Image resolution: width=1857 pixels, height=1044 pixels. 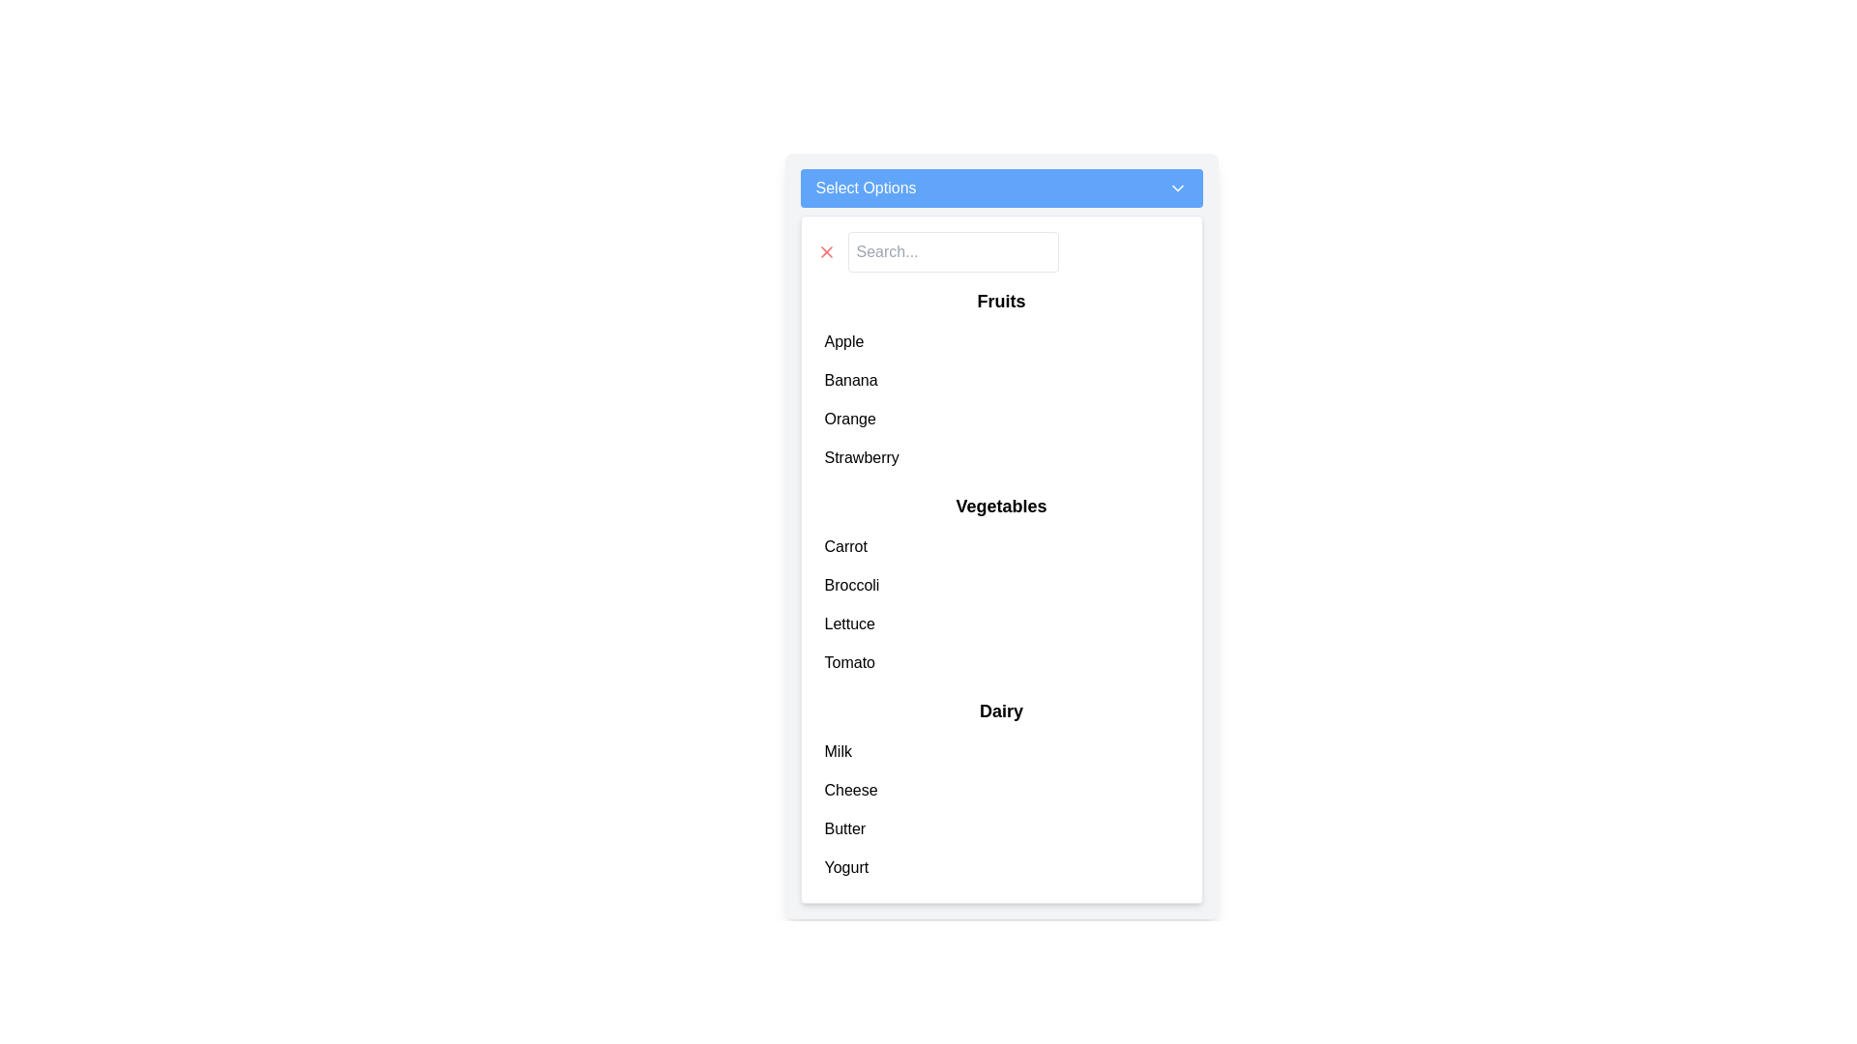 What do you see at coordinates (1001, 188) in the screenshot?
I see `the Dropdown toggle button labeled 'Select Options'` at bounding box center [1001, 188].